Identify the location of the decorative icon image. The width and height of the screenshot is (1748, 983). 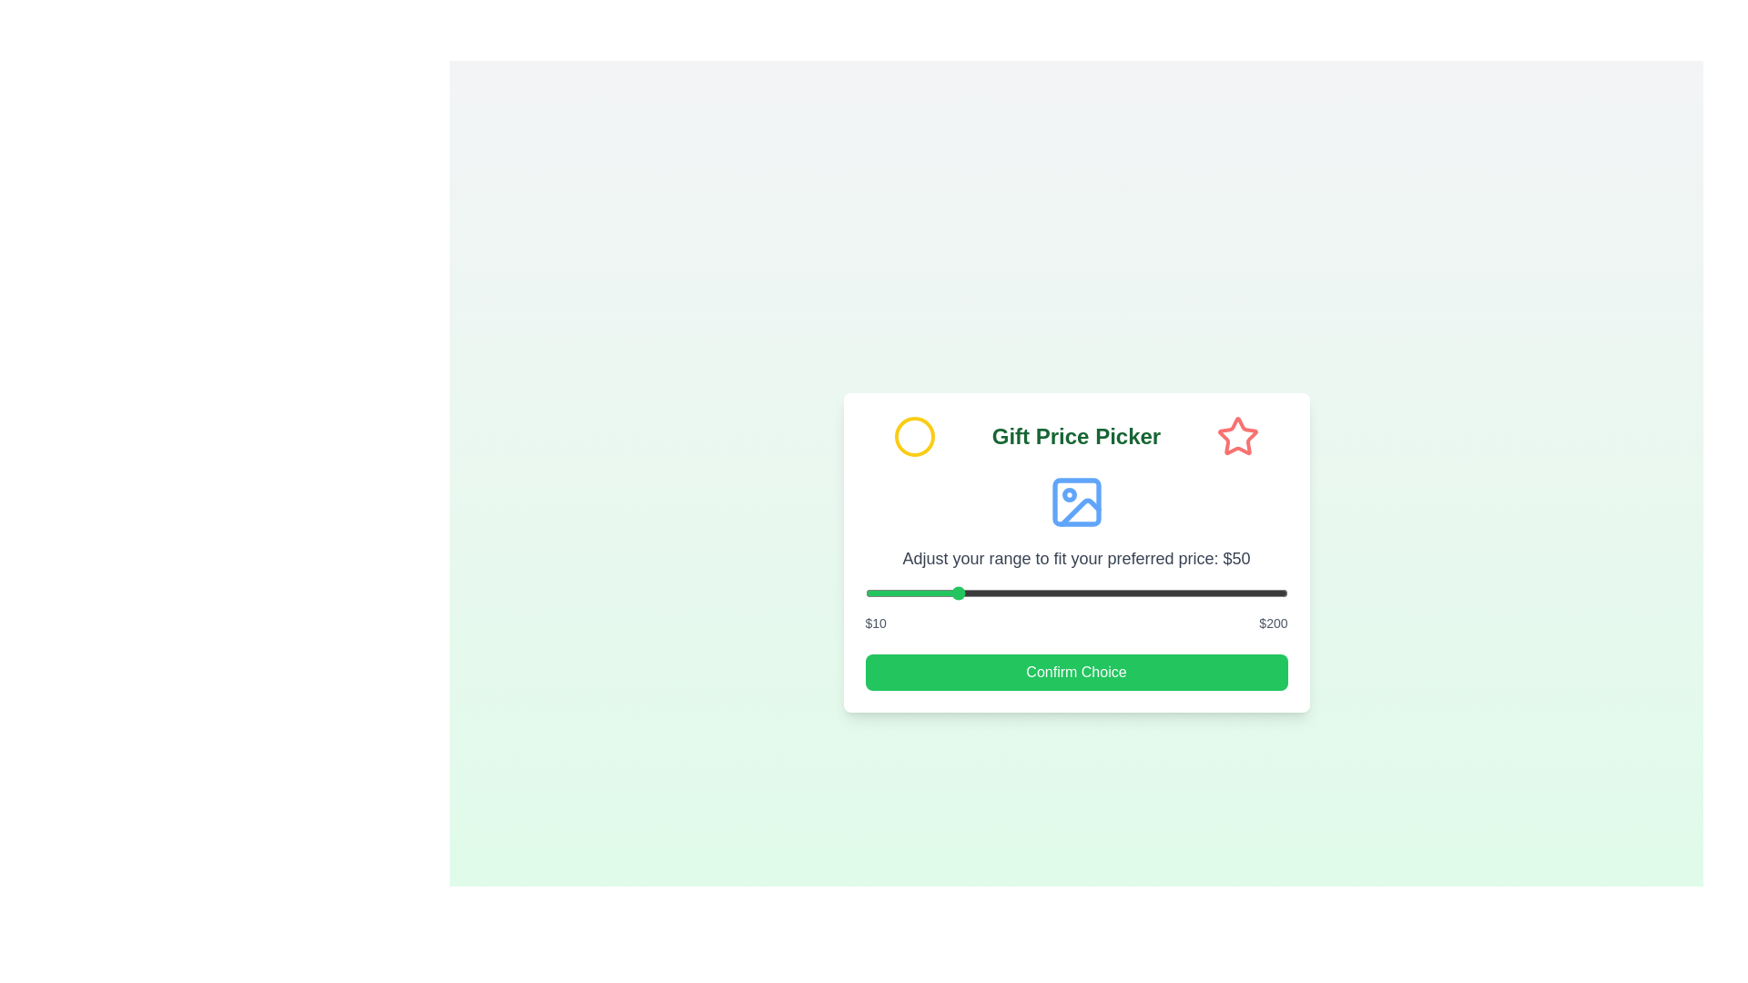
(1076, 502).